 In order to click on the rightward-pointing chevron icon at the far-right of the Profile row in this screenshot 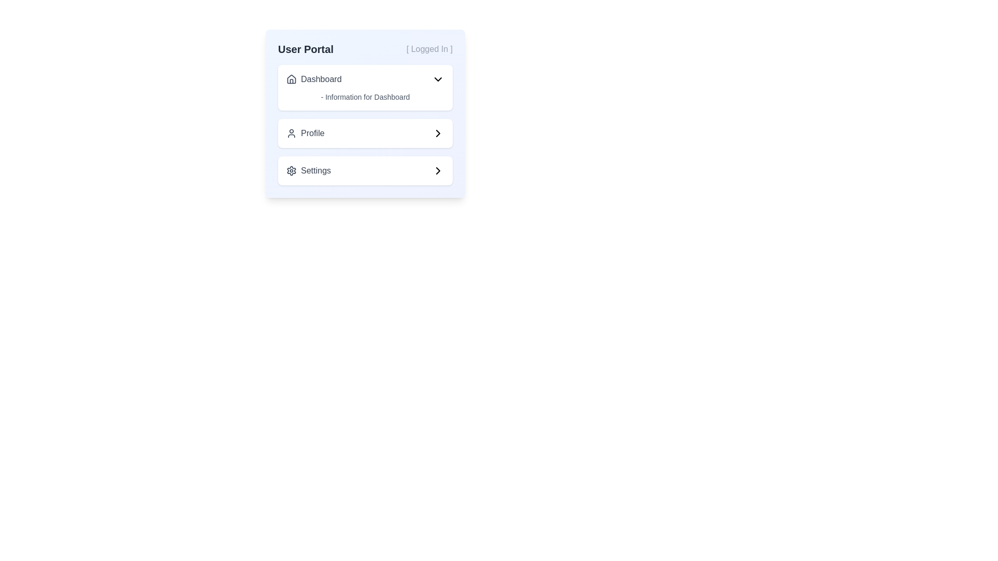, I will do `click(438, 133)`.